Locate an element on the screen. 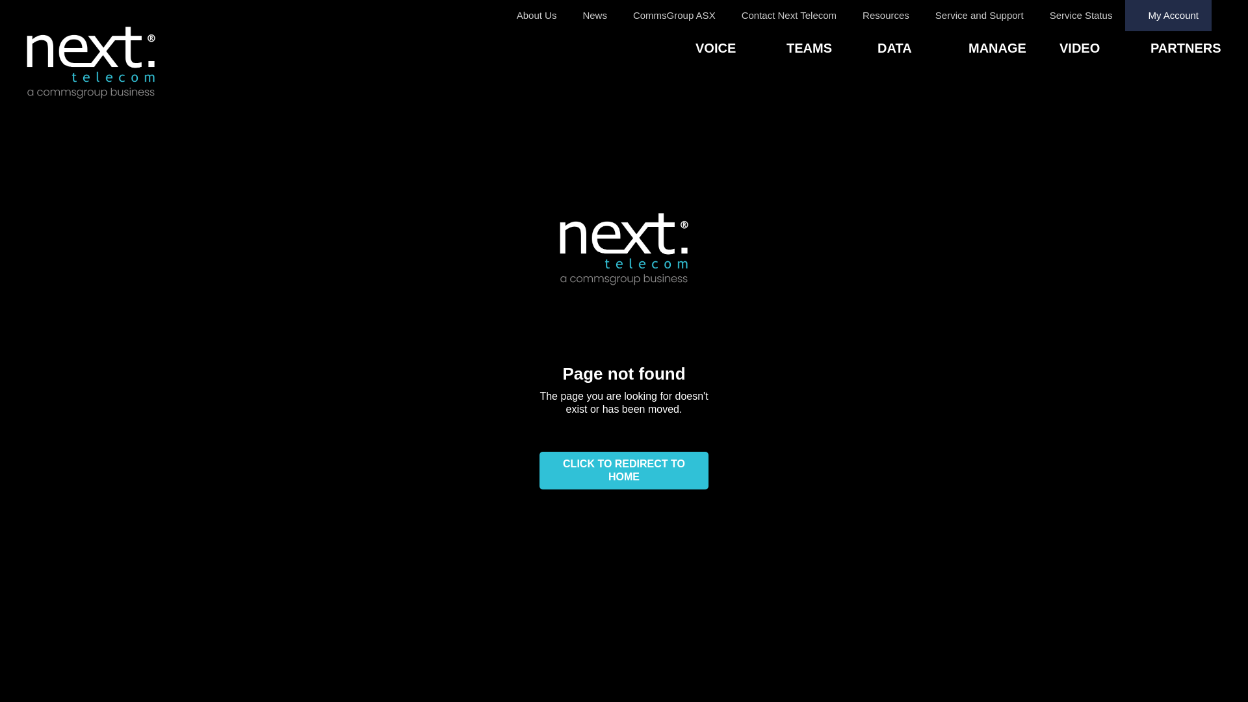 The image size is (1248, 702). 'PARTNERS' is located at coordinates (1150, 49).